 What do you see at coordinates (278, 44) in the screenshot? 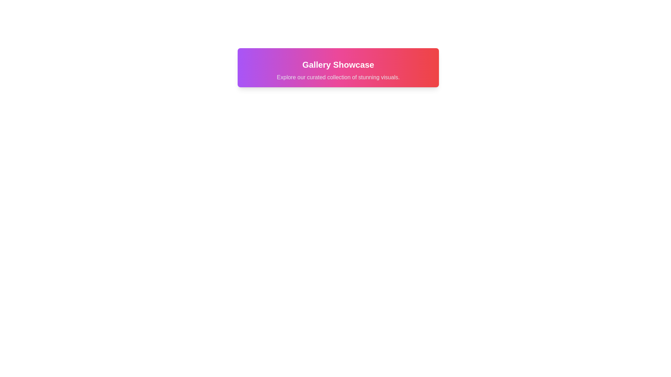
I see `the heart-shaped SVG graphic element that symbolizes a 'like' or 'favorite' action, located above the 'Gallery Showcase' text` at bounding box center [278, 44].